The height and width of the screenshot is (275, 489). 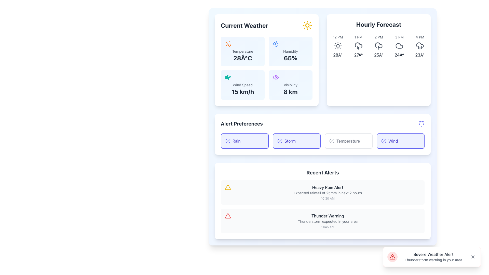 I want to click on the third item in the 'Hourly Forecast' section that displays a lightning cloud icon with the time '2 PM' and temperature '25Â°' for further details, so click(x=379, y=46).